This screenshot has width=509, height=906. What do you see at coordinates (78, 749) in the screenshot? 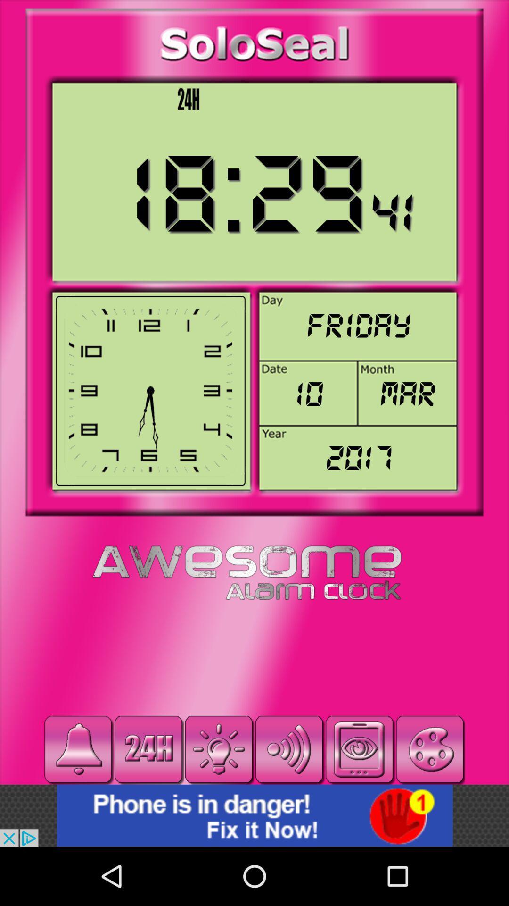
I see `notification button` at bounding box center [78, 749].